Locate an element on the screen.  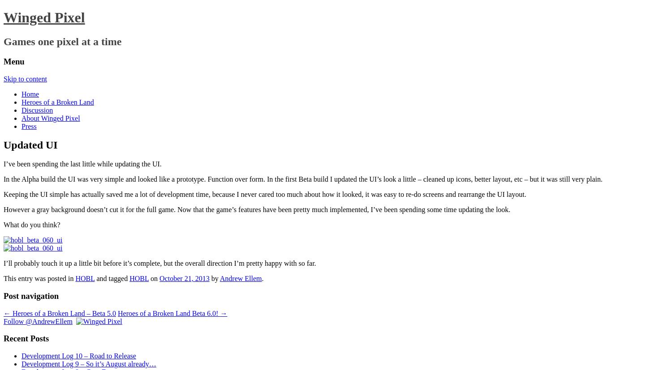
'I’ve been spending the last little while updating the UI.' is located at coordinates (82, 163).